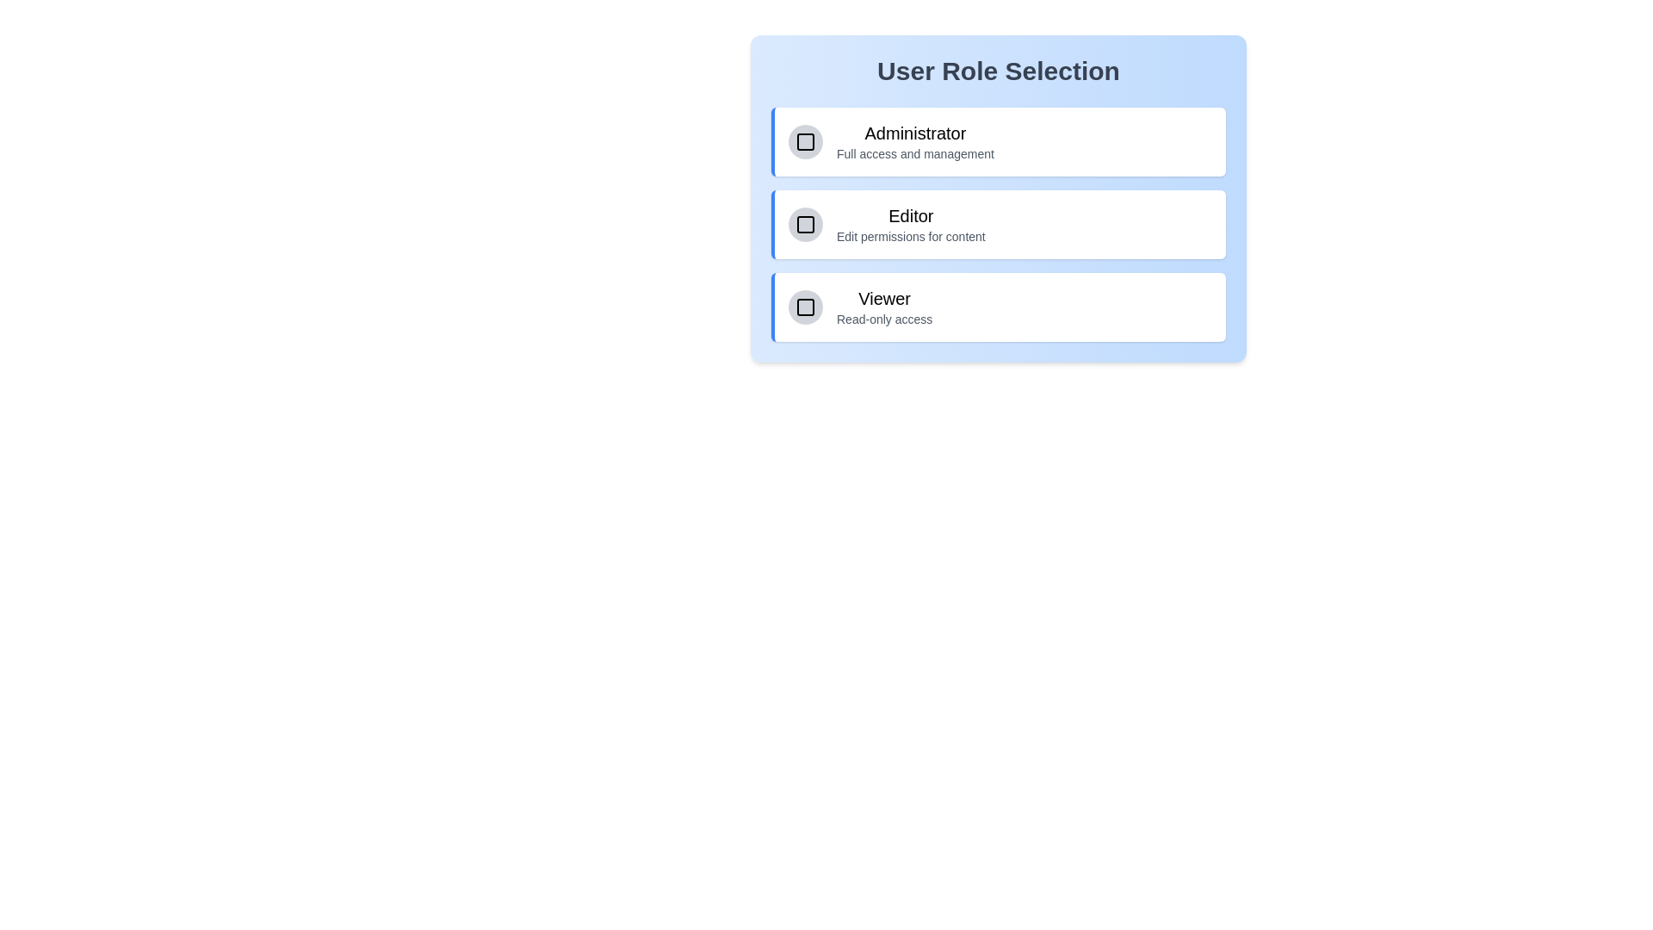 This screenshot has width=1653, height=930. What do you see at coordinates (836, 202) in the screenshot?
I see `the text of the role description for Editor` at bounding box center [836, 202].